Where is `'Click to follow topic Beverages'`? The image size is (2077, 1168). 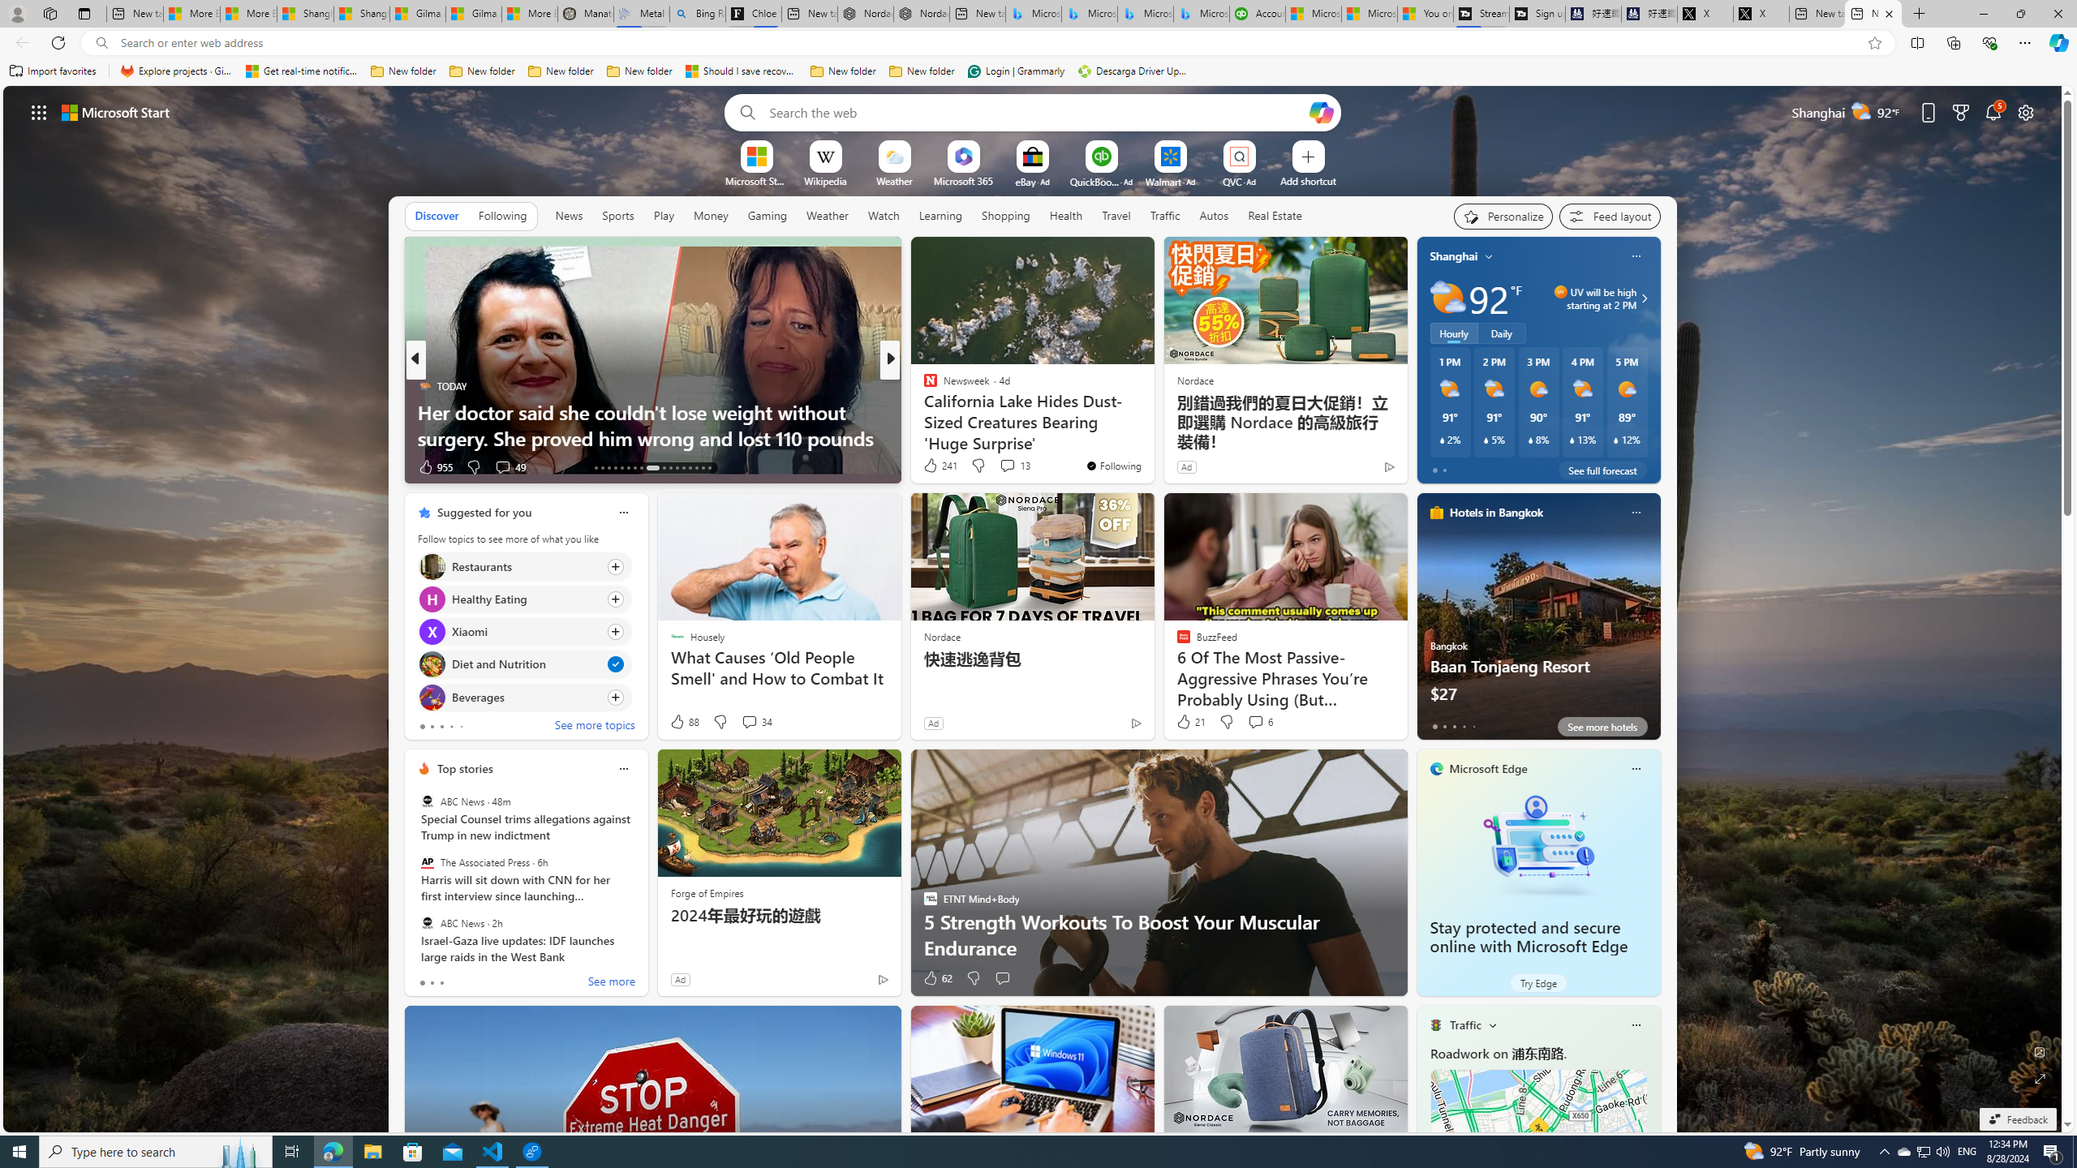
'Click to follow topic Beverages' is located at coordinates (523, 696).